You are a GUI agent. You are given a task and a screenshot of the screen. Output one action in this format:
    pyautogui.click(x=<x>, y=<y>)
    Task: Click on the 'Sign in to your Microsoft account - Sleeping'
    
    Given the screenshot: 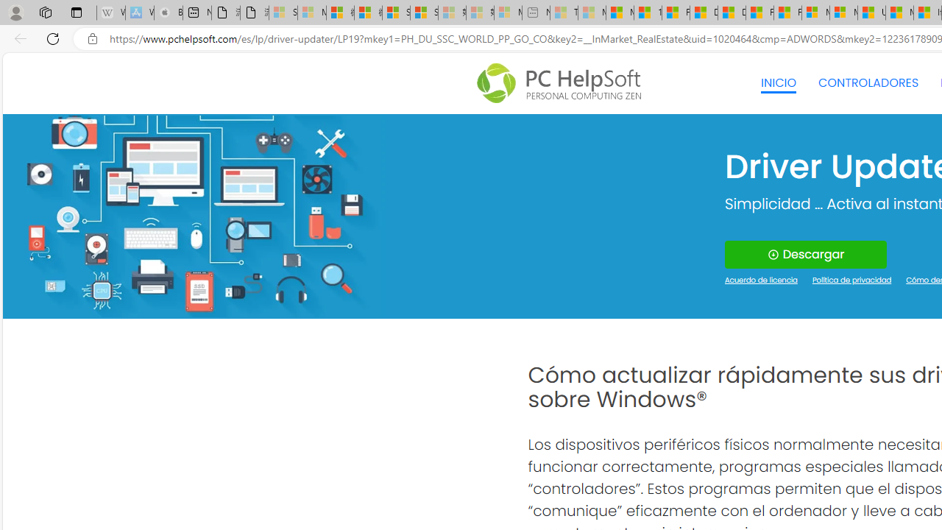 What is the action you would take?
    pyautogui.click(x=283, y=13)
    